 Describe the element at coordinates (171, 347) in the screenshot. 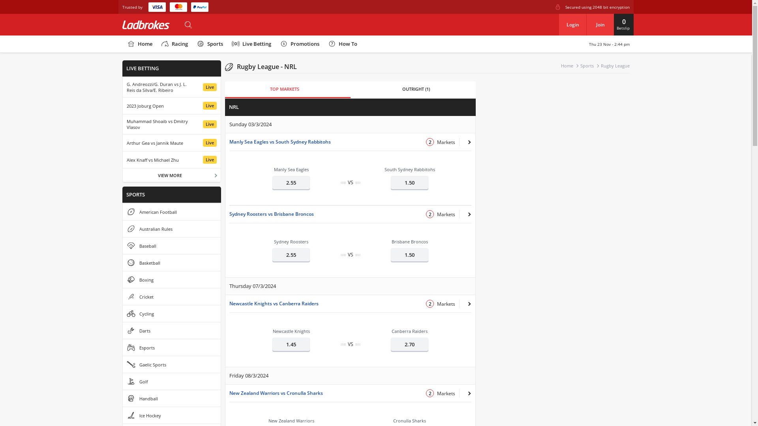

I see `'Esports'` at that location.